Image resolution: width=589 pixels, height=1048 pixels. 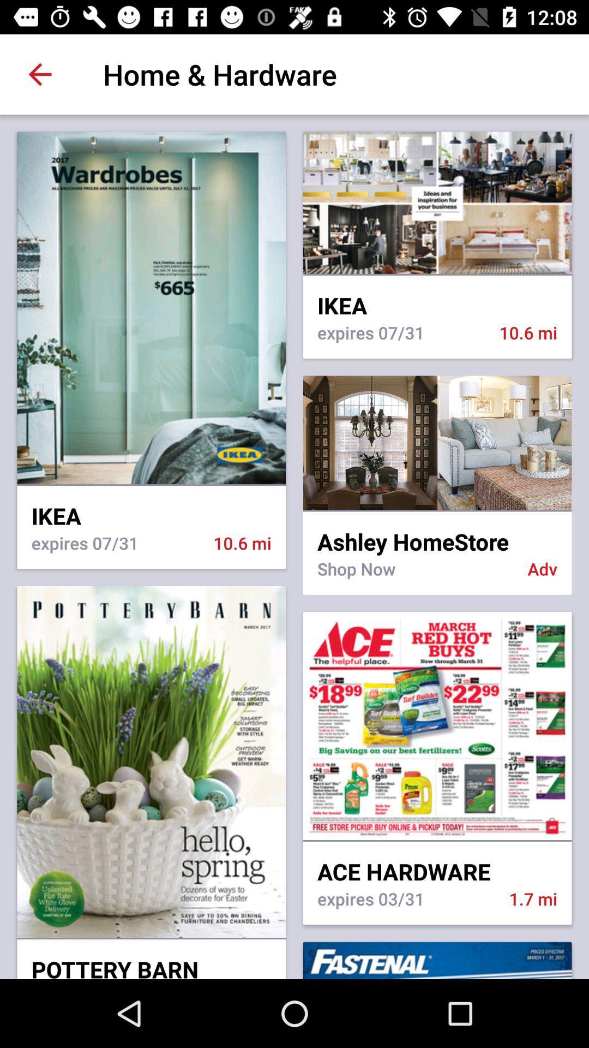 What do you see at coordinates (437, 443) in the screenshot?
I see `pick selected location` at bounding box center [437, 443].